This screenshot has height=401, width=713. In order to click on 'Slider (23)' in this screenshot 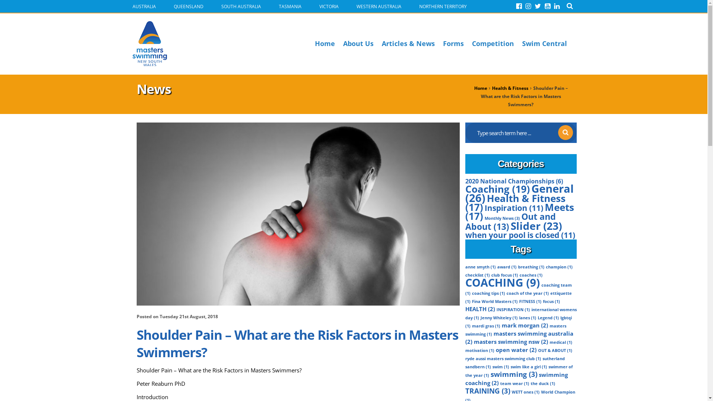, I will do `click(536, 225)`.